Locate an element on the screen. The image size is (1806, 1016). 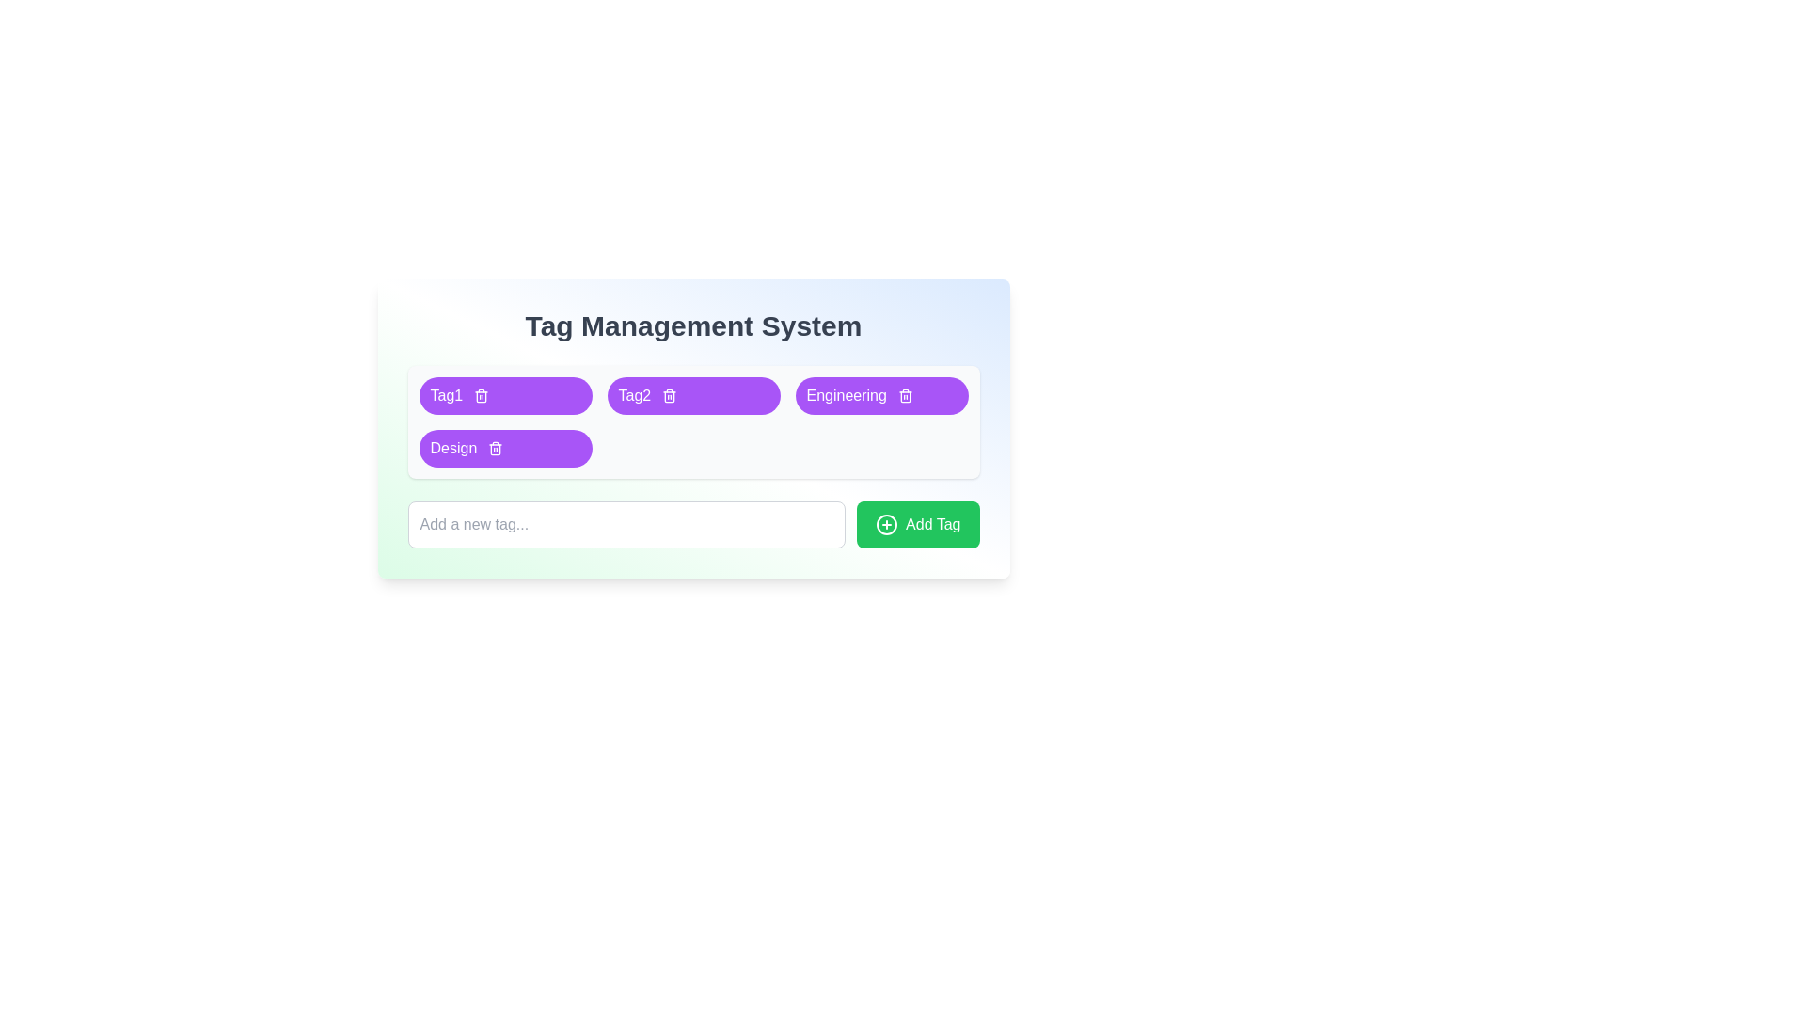
the delete icon button located to the right of the 'Tag1' label is located at coordinates (482, 394).